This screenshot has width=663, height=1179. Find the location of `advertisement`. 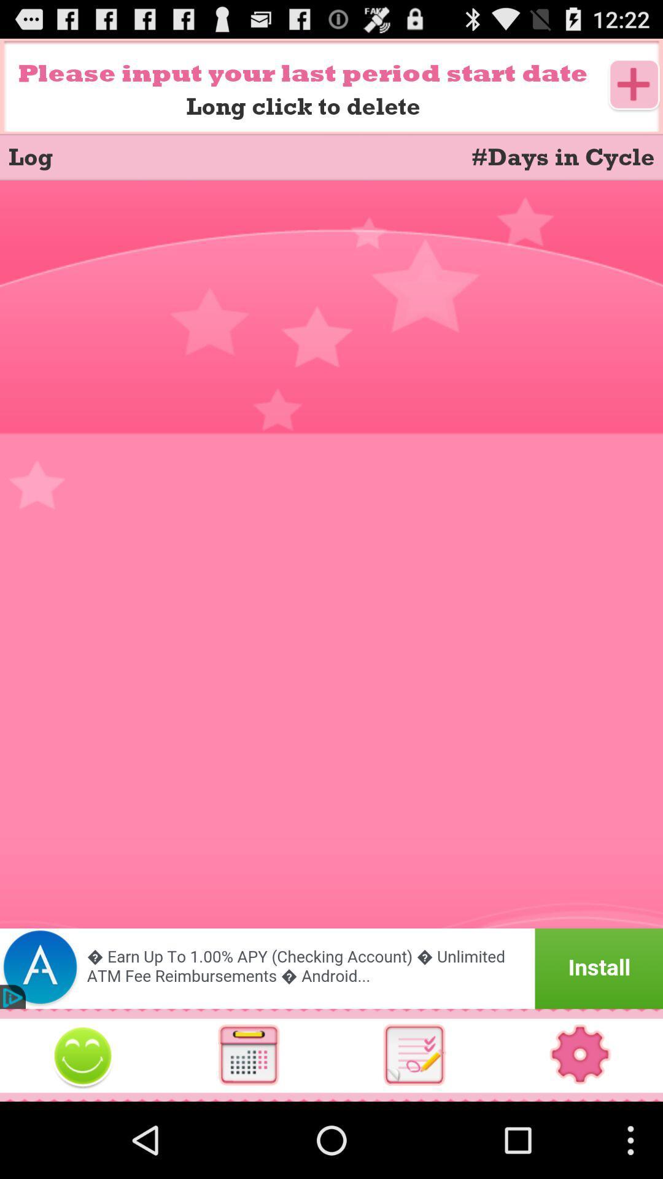

advertisement is located at coordinates (331, 968).